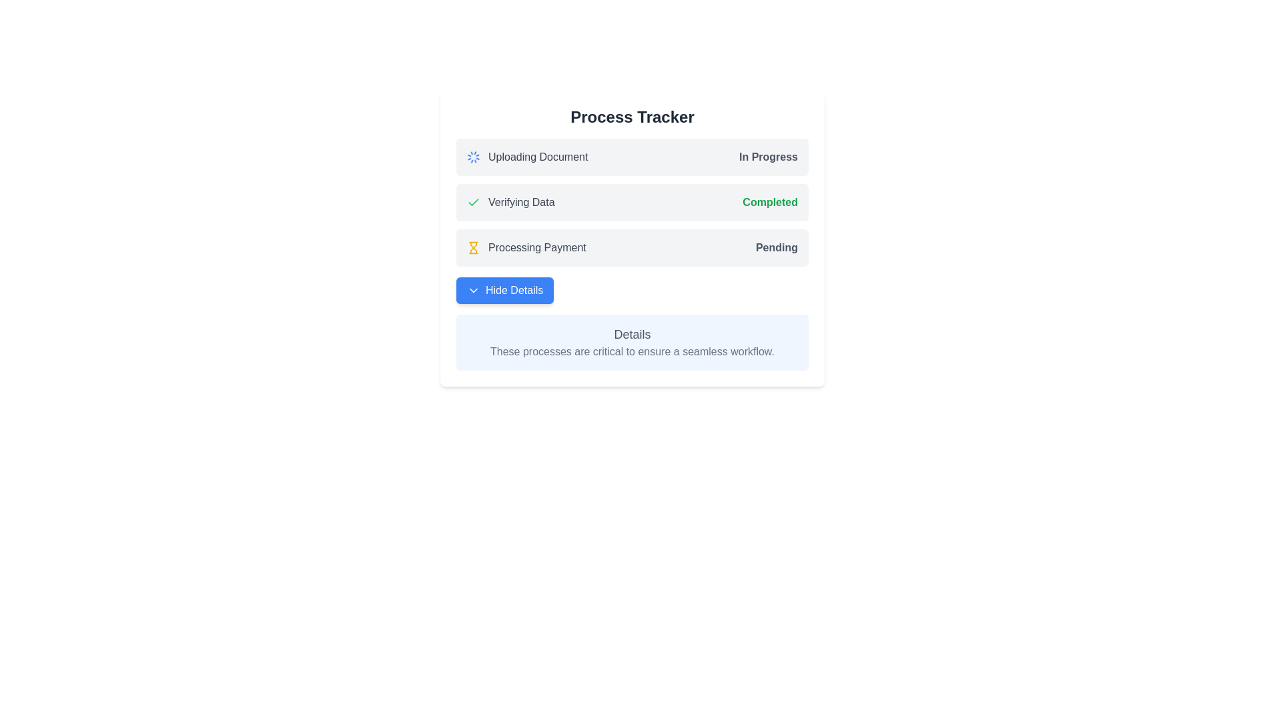  I want to click on the static text element that provides a description regarding the importance of processes in maintaining a seamless workflow, located below the 'Details' text element in a light blue box with rounded corners, so click(632, 351).